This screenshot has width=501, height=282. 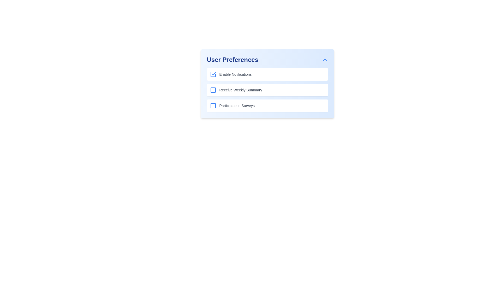 What do you see at coordinates (235, 74) in the screenshot?
I see `the Text Label that indicates the purpose of the adjacent checkbox for enabling notifications, located in the 'User Preferences' section` at bounding box center [235, 74].